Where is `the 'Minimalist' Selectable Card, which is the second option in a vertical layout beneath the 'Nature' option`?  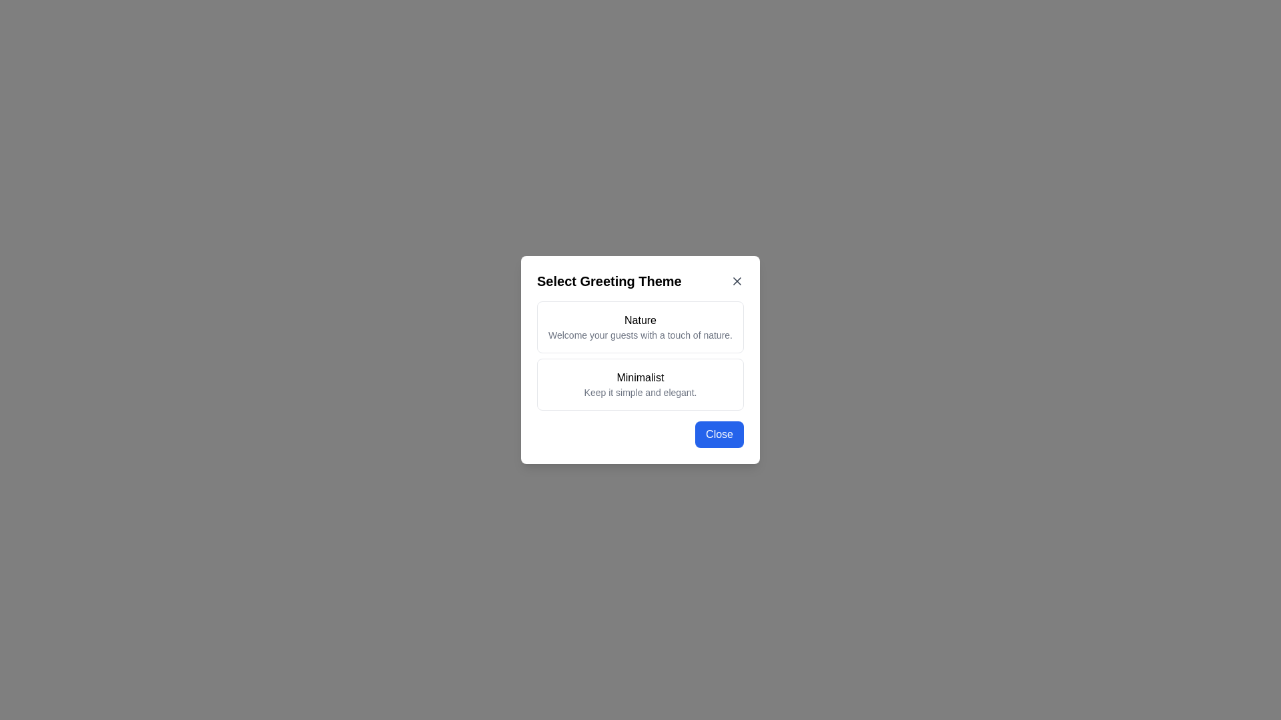 the 'Minimalist' Selectable Card, which is the second option in a vertical layout beneath the 'Nature' option is located at coordinates (640, 385).